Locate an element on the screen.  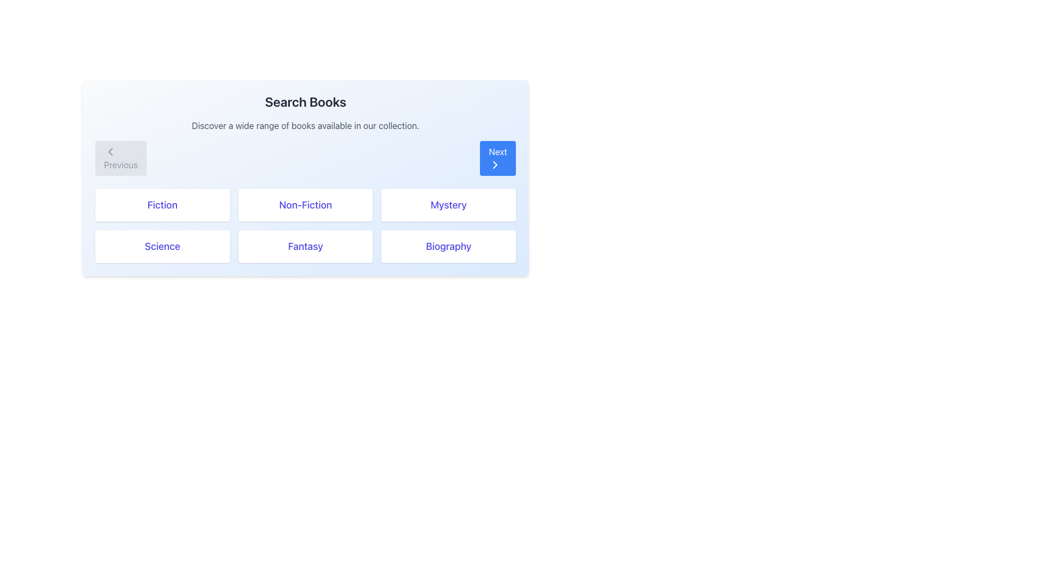
the left-facing chevron icon within the 'Previous' button located in the top-left area of the pane is located at coordinates (110, 151).